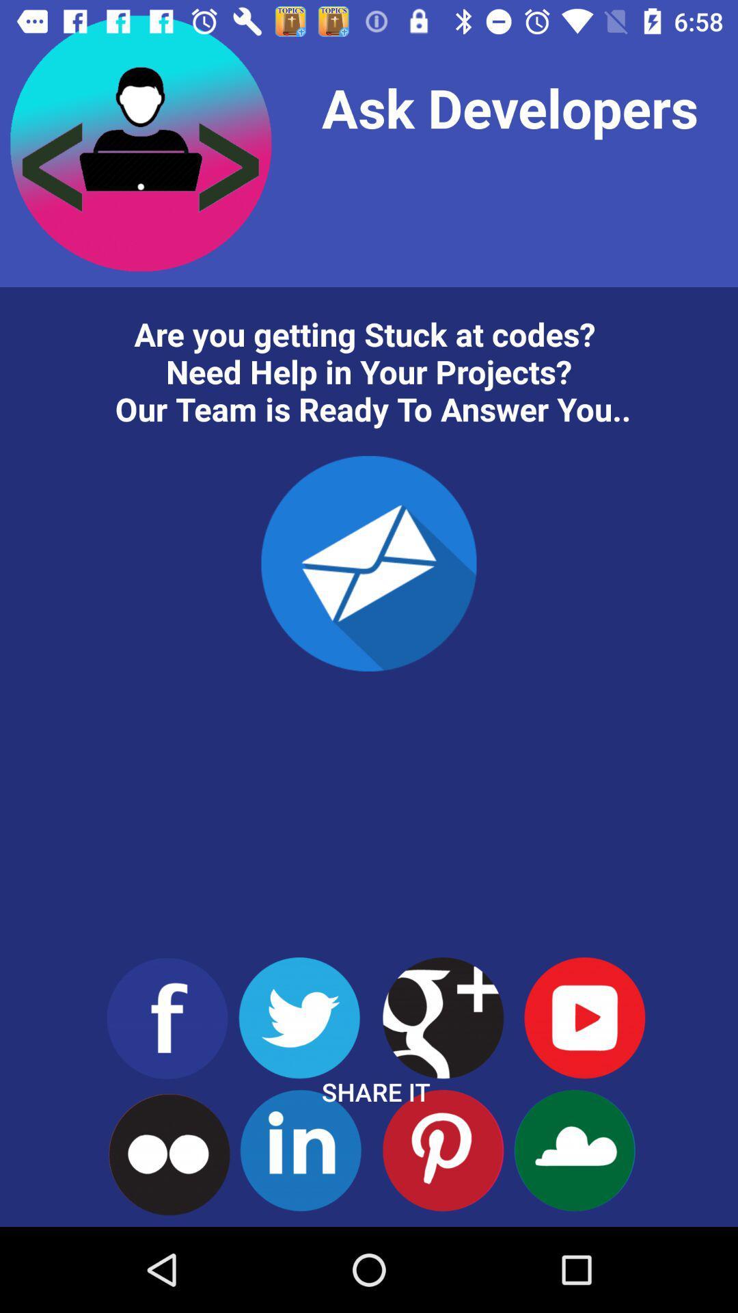  I want to click on item at the center, so click(369, 563).